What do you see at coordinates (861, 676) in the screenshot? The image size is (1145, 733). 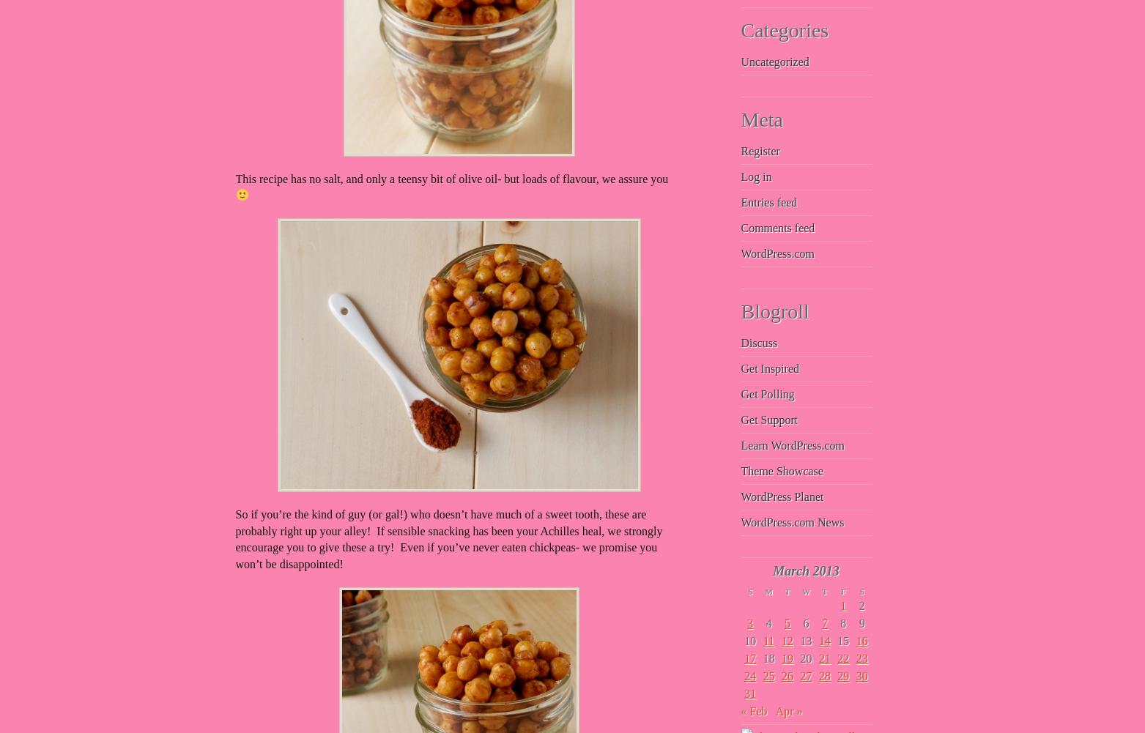 I see `'30'` at bounding box center [861, 676].